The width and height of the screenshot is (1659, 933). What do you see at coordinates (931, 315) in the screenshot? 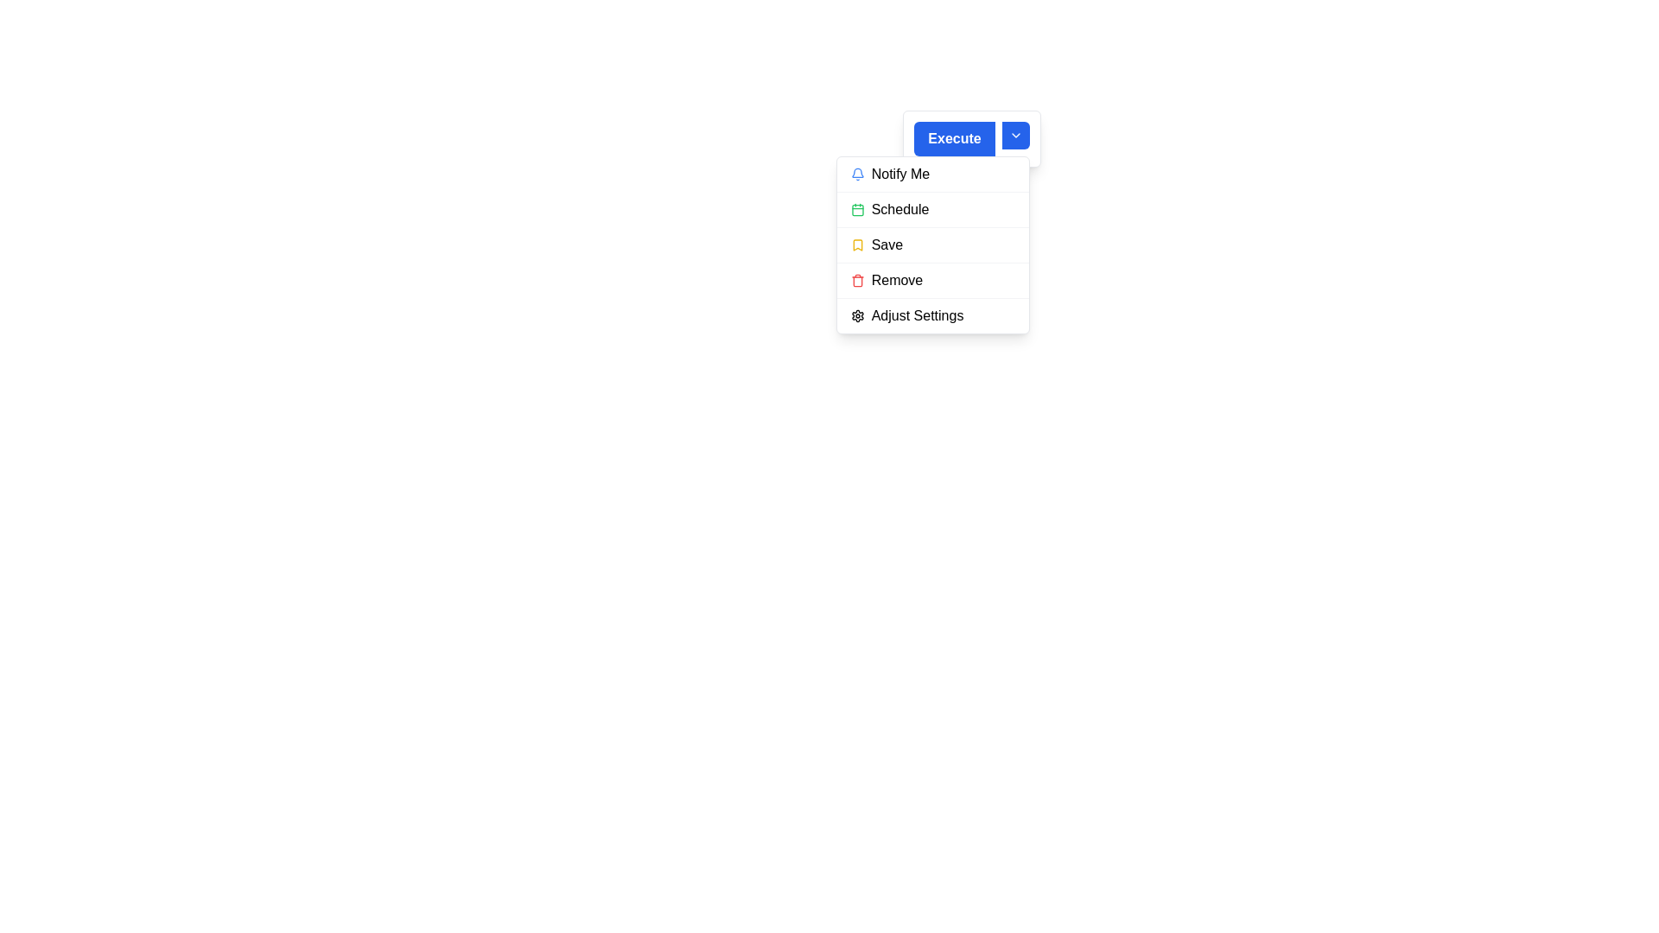
I see `the 'Adjust Settings' menu item in the dropdown, which is the fifth item and features a gear icon with black text on a white background` at bounding box center [931, 315].